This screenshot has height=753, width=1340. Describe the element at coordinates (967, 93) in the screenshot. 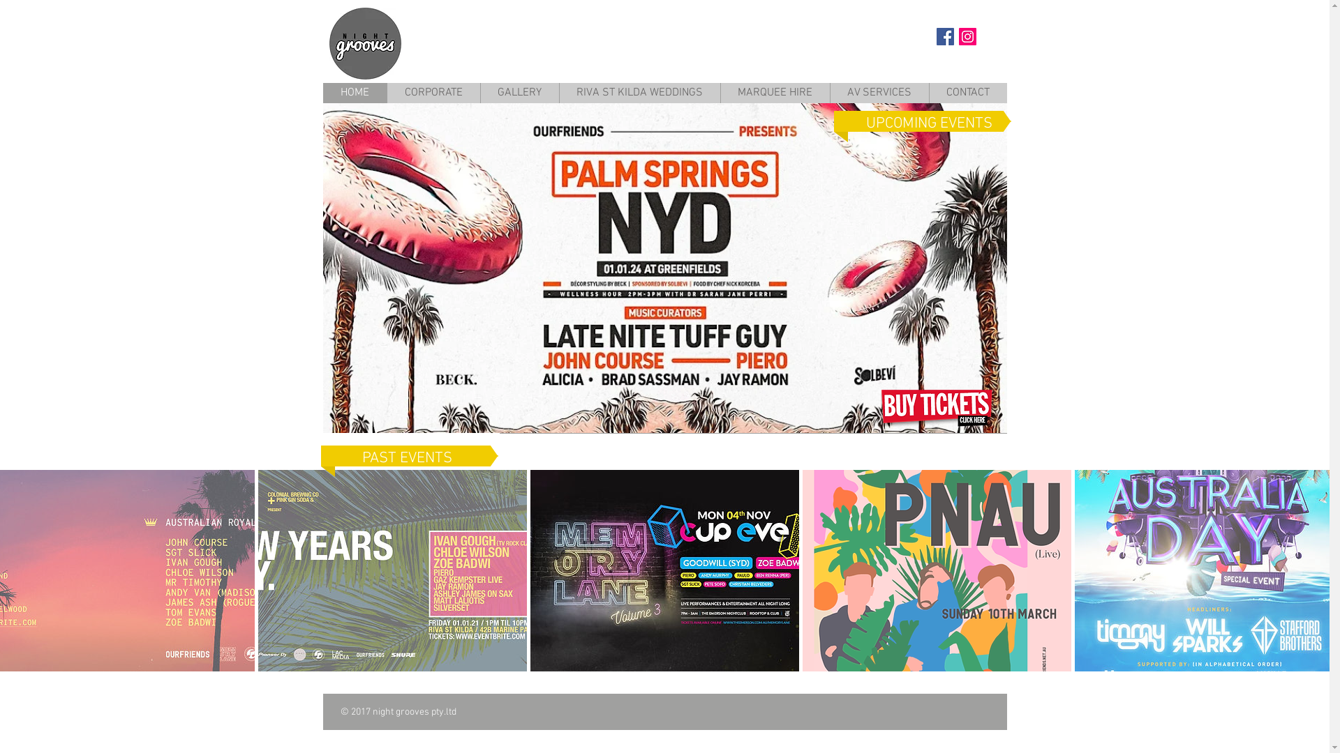

I see `'CONTACT'` at that location.